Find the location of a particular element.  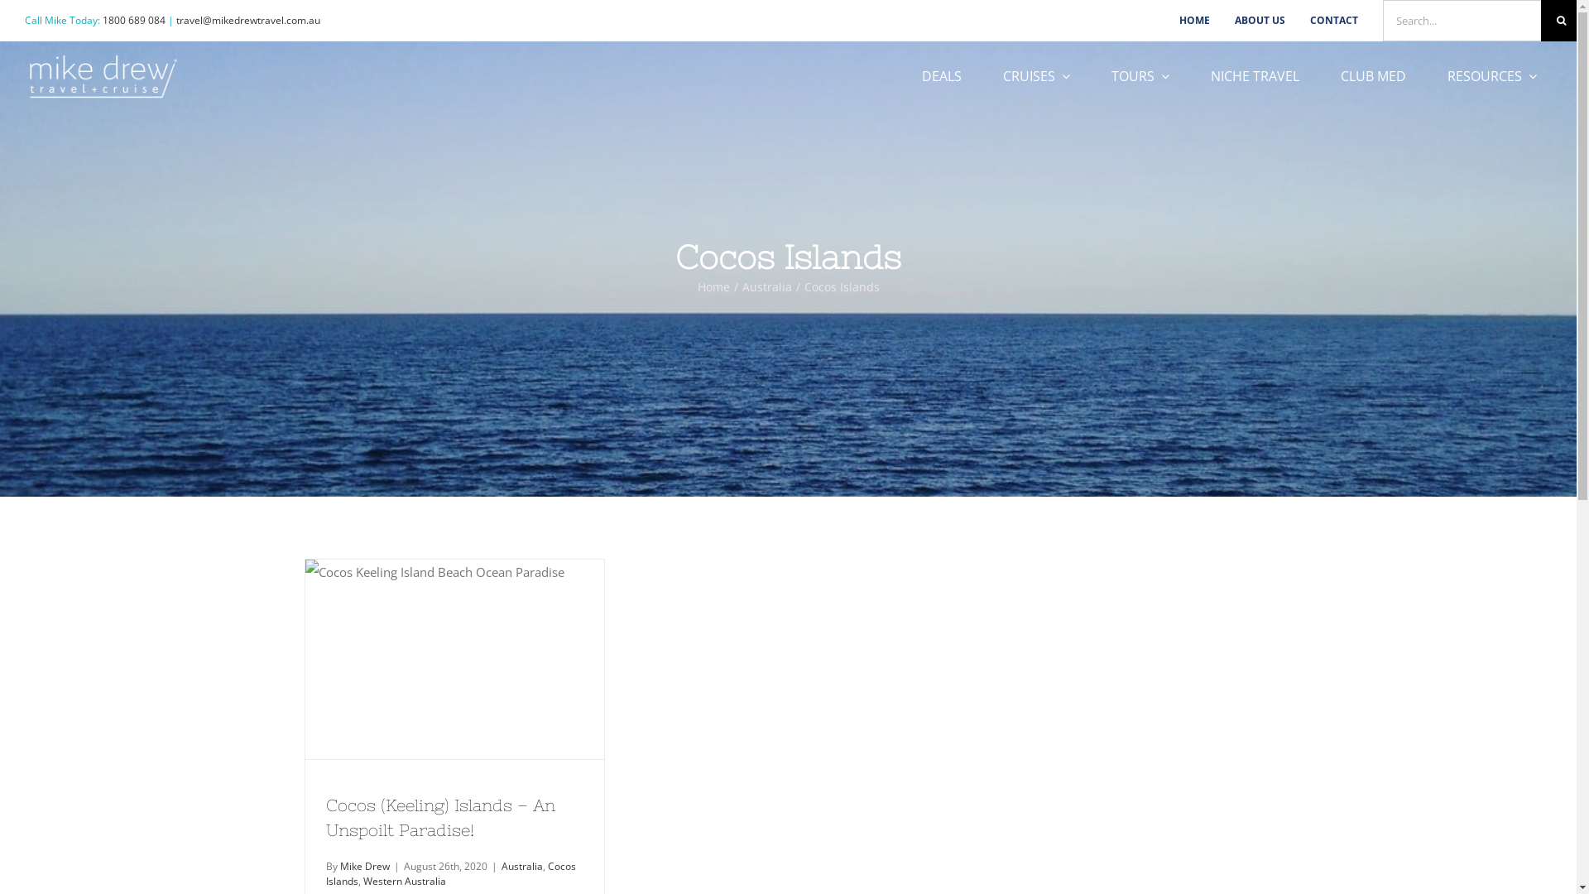

'1800 689 084' is located at coordinates (134, 20).